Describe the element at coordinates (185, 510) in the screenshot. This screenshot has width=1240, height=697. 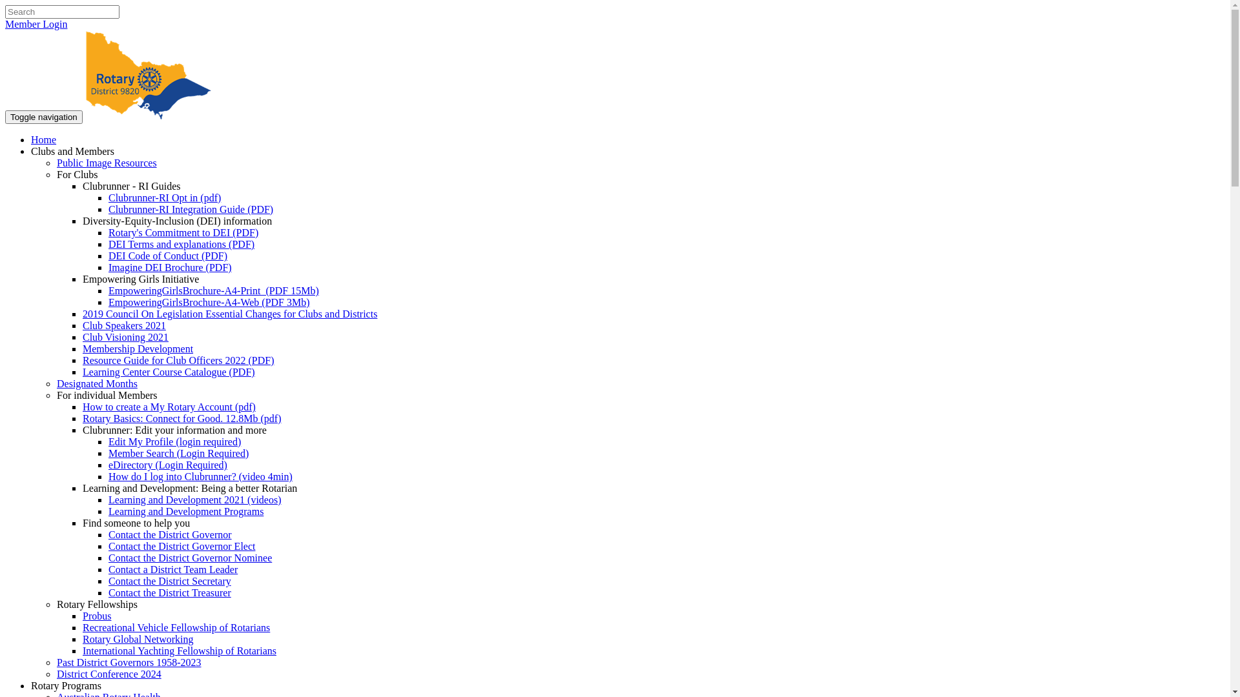
I see `'Learning and Development Programs'` at that location.